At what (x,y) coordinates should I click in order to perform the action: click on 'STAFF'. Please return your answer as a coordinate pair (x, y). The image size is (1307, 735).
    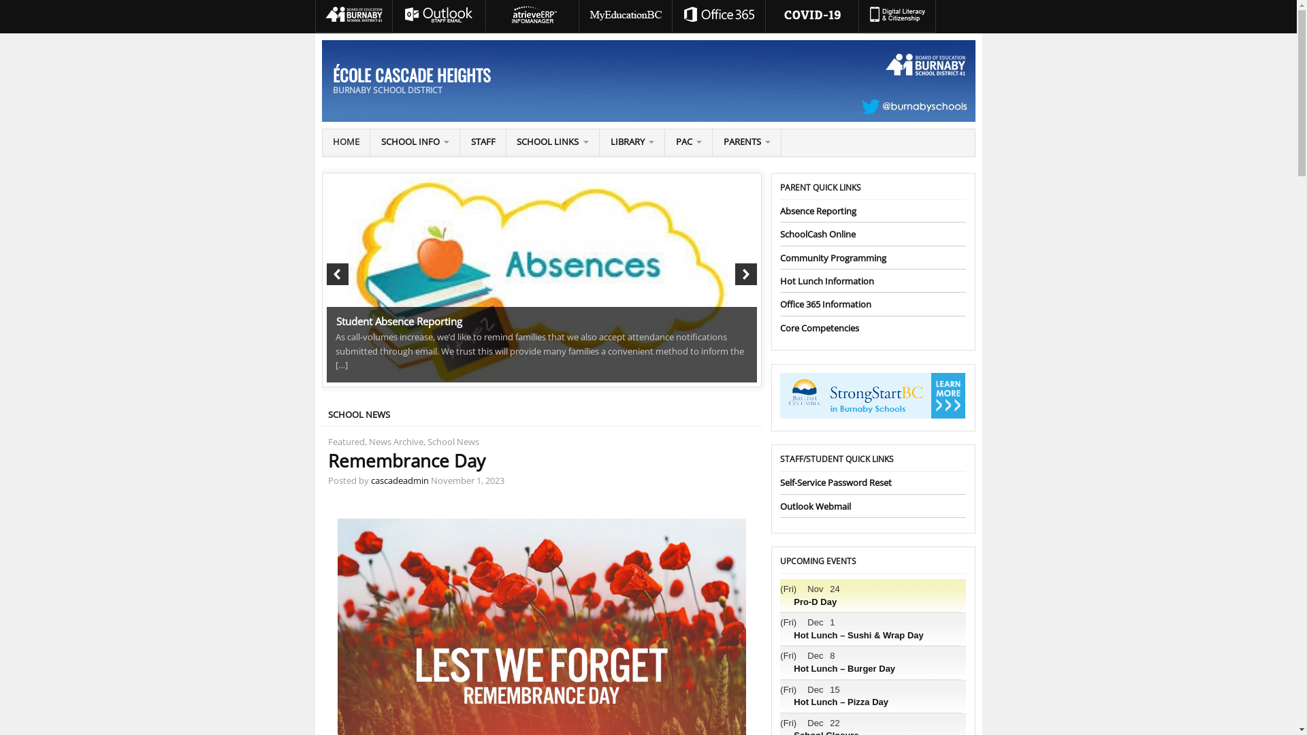
    Looking at the image, I should click on (483, 142).